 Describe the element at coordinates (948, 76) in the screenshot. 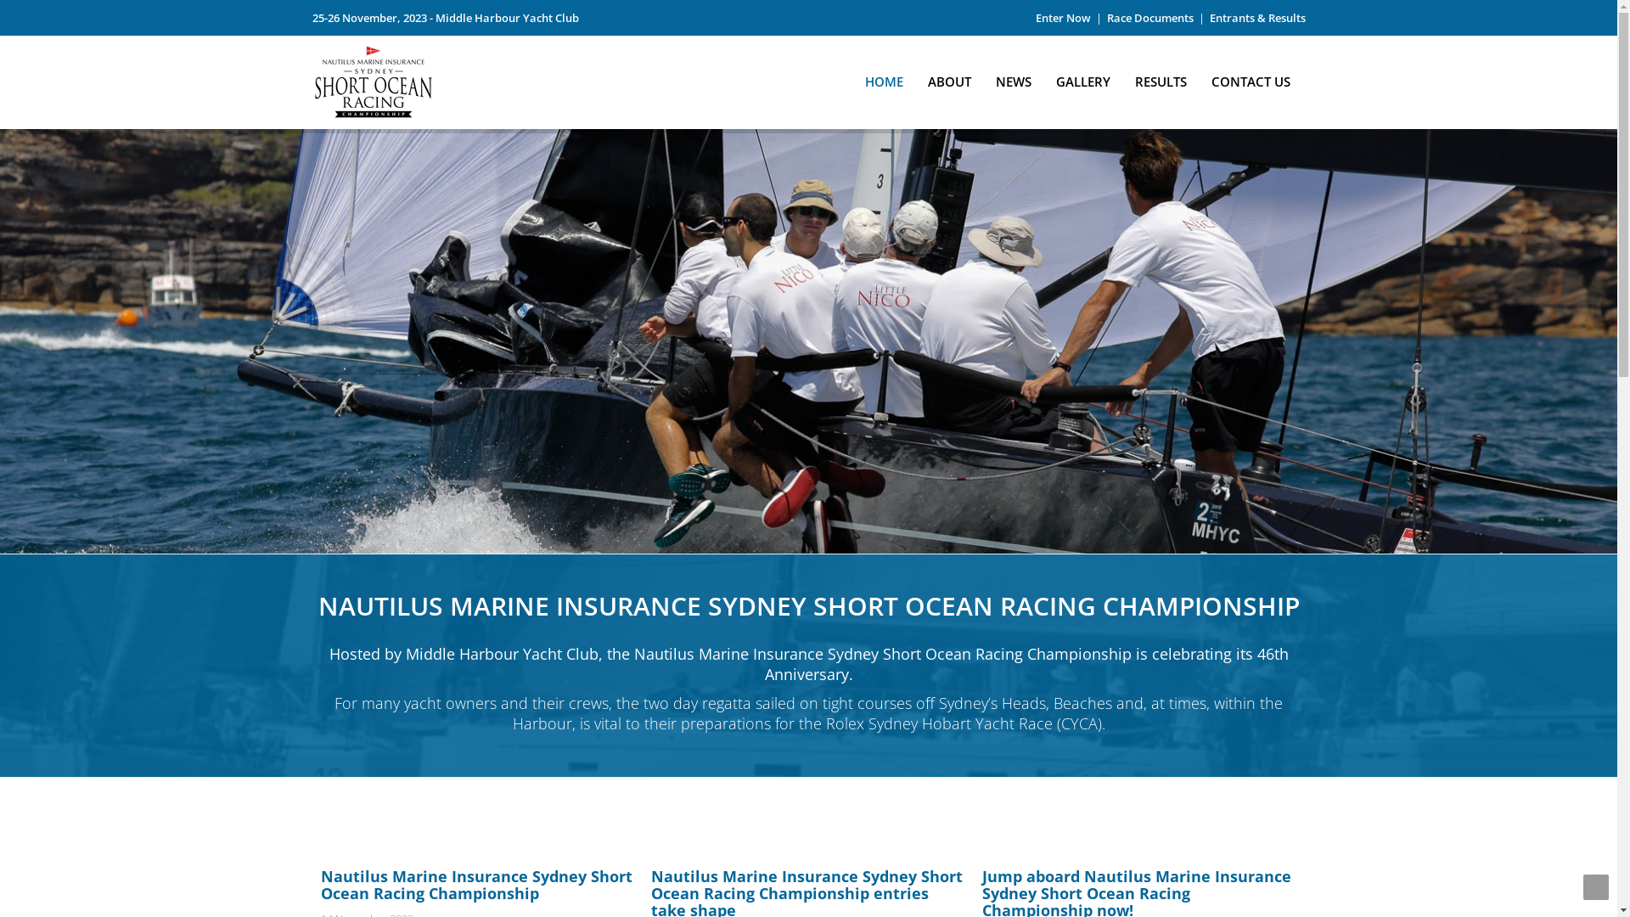

I see `'ABOUT'` at that location.